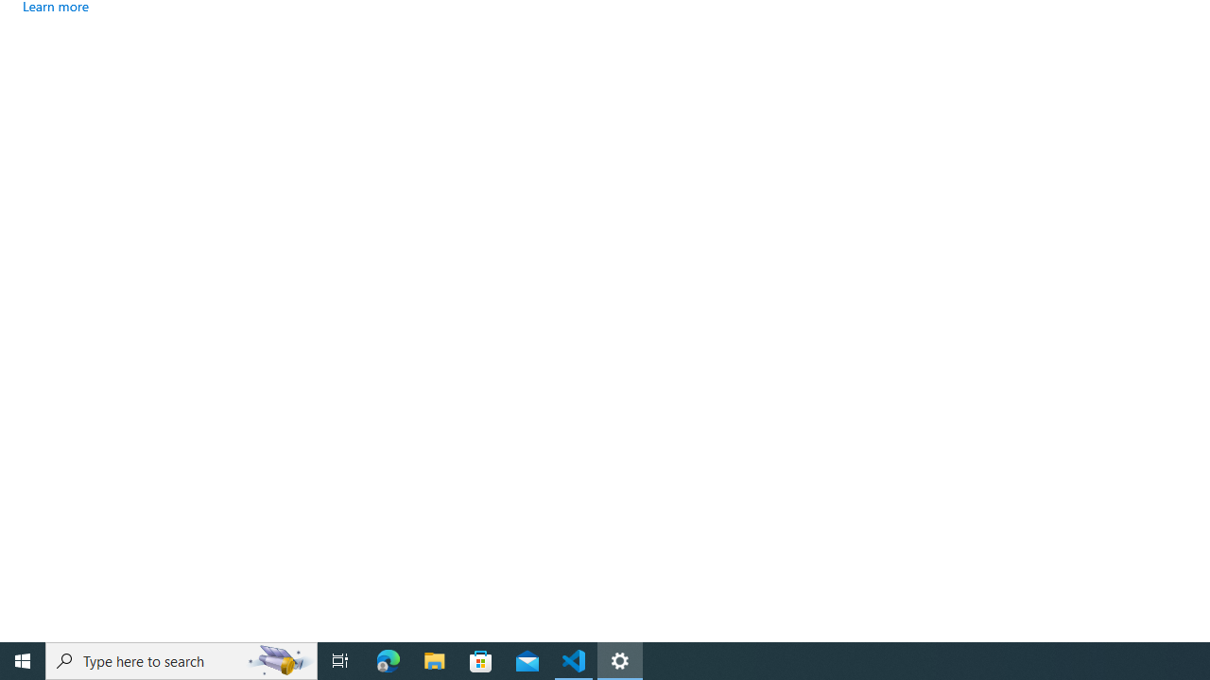  What do you see at coordinates (388, 659) in the screenshot?
I see `'Microsoft Edge'` at bounding box center [388, 659].